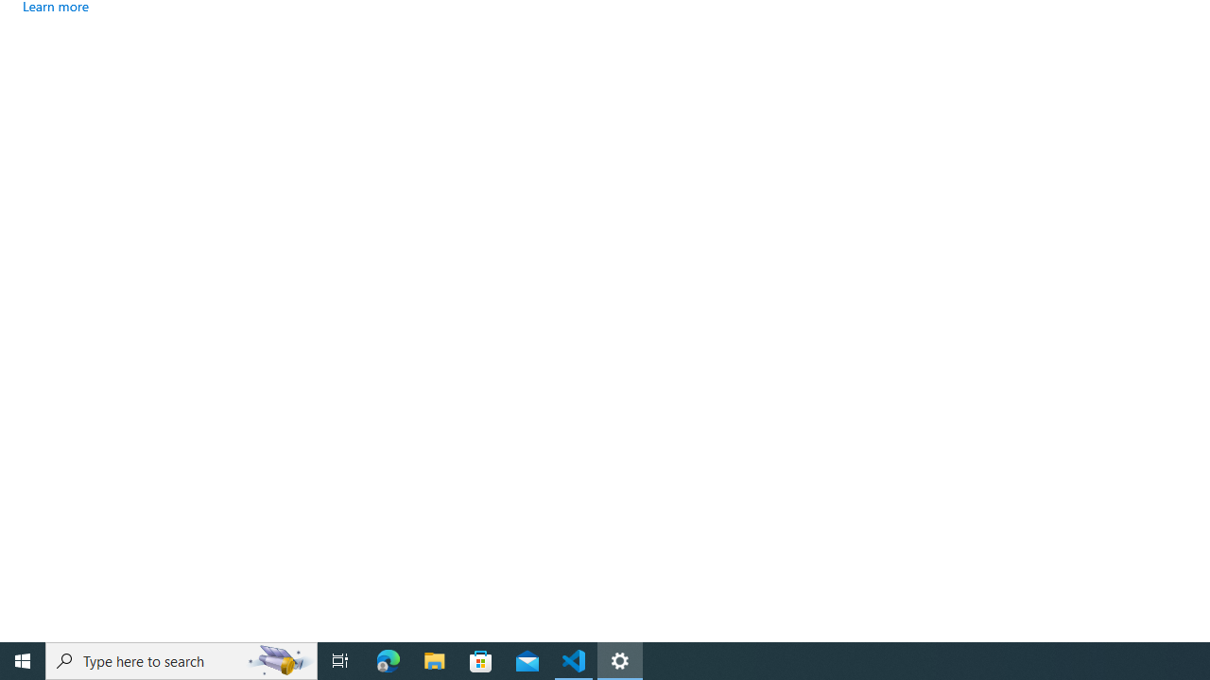  What do you see at coordinates (388, 659) in the screenshot?
I see `'Microsoft Edge'` at bounding box center [388, 659].